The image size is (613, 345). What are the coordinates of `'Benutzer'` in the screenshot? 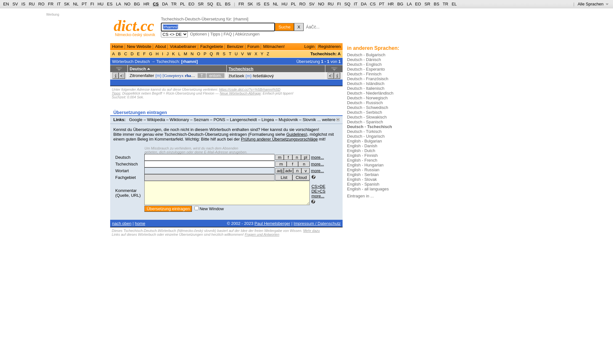 It's located at (235, 46).